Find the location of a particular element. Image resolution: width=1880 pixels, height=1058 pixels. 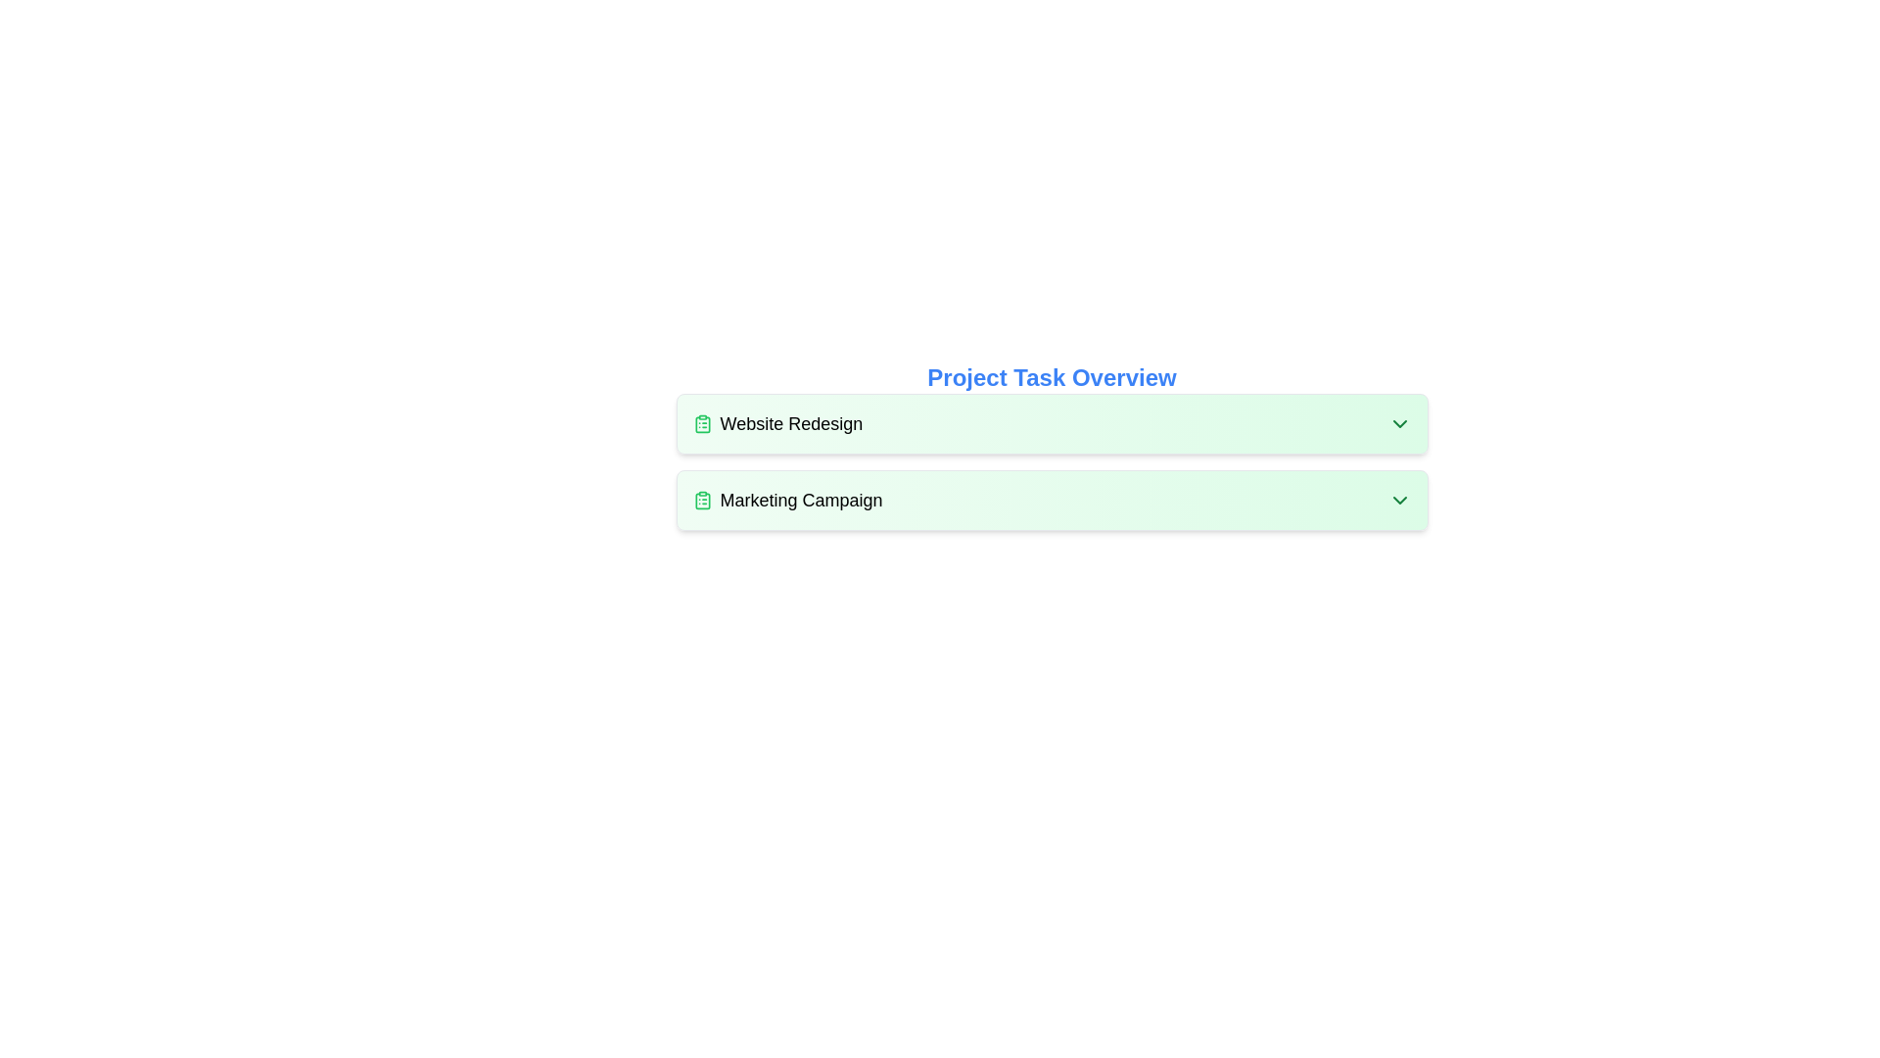

the clipboard outline icon located in the middle section of the 'Marketing Campaign' list item is located at coordinates (702, 500).